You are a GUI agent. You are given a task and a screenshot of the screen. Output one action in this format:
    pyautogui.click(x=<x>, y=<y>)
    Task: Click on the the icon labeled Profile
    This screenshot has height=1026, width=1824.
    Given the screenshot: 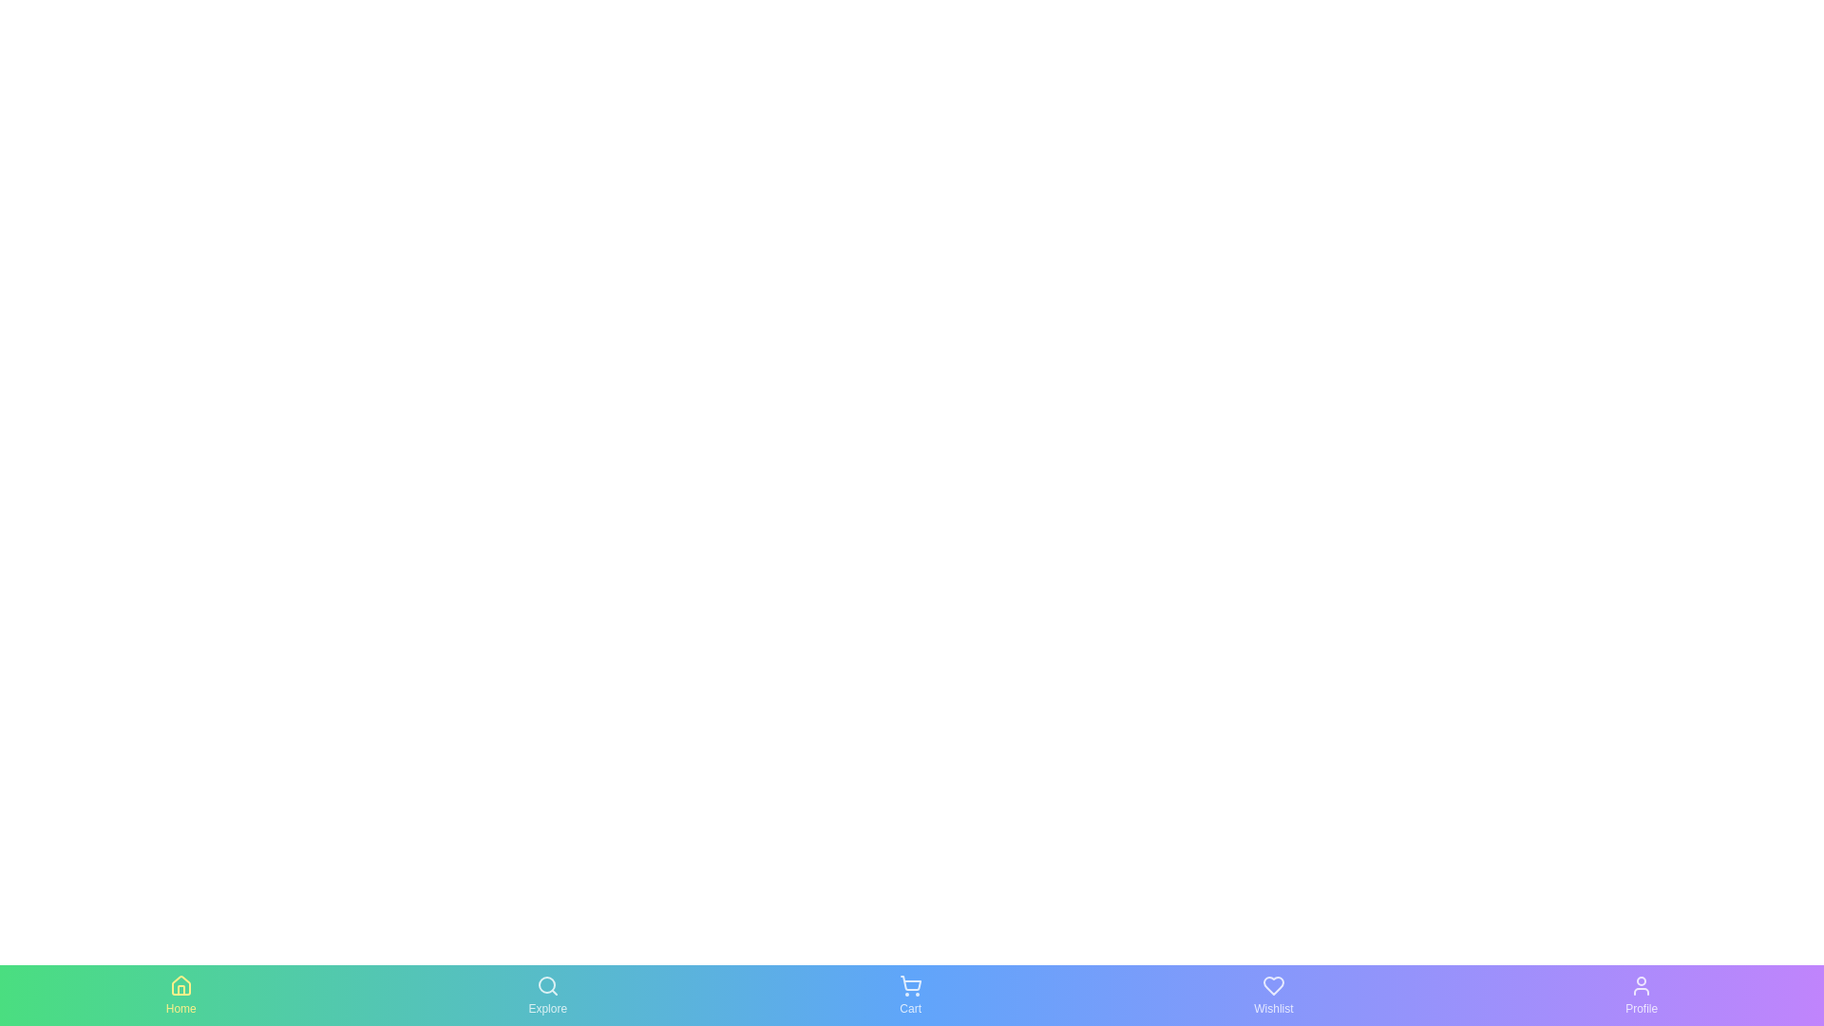 What is the action you would take?
    pyautogui.click(x=1641, y=995)
    